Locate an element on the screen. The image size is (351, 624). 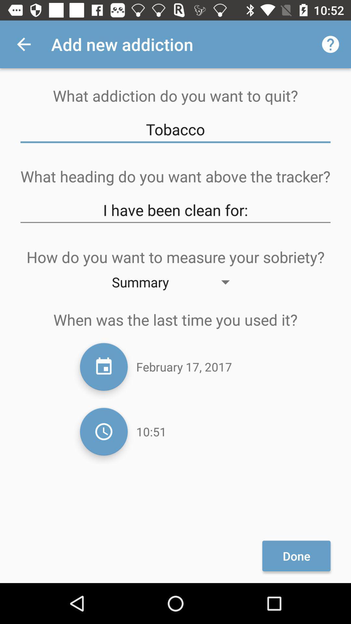
change time of day is located at coordinates (103, 432).